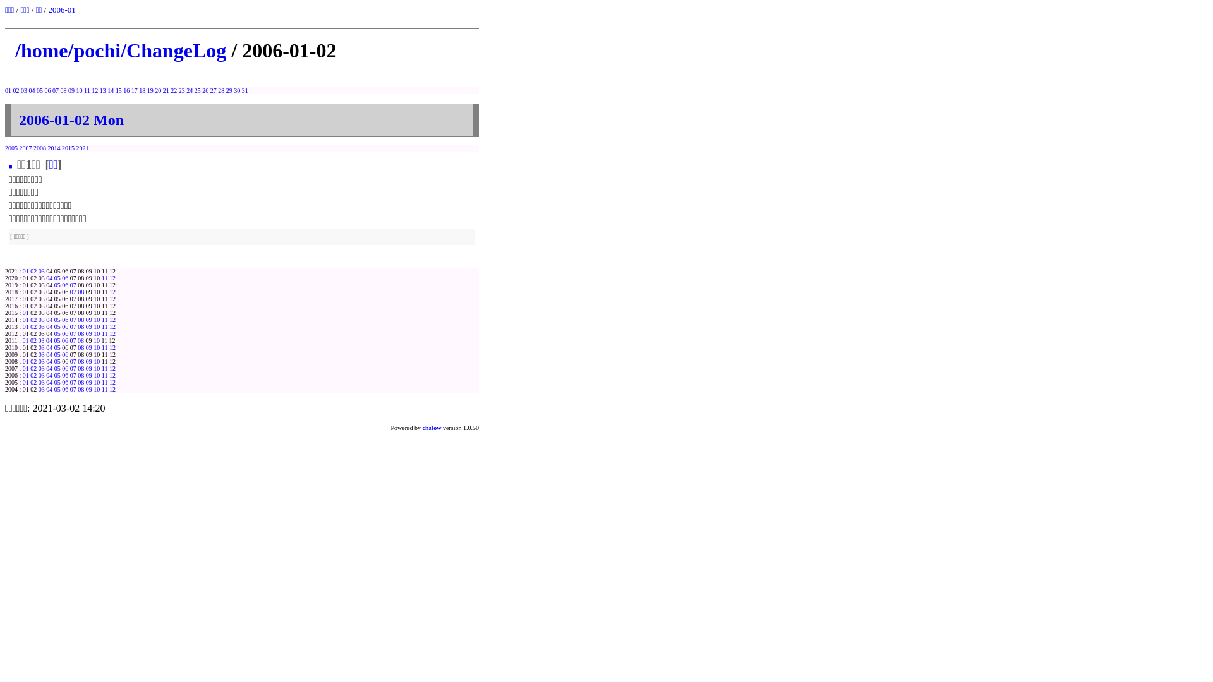 This screenshot has height=682, width=1213. I want to click on '03', so click(39, 319).